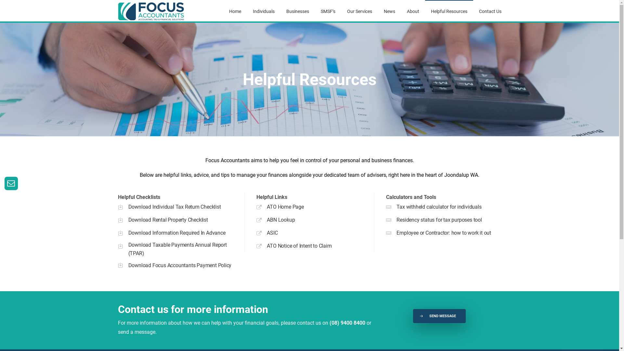 This screenshot has width=624, height=351. What do you see at coordinates (389, 11) in the screenshot?
I see `'News'` at bounding box center [389, 11].